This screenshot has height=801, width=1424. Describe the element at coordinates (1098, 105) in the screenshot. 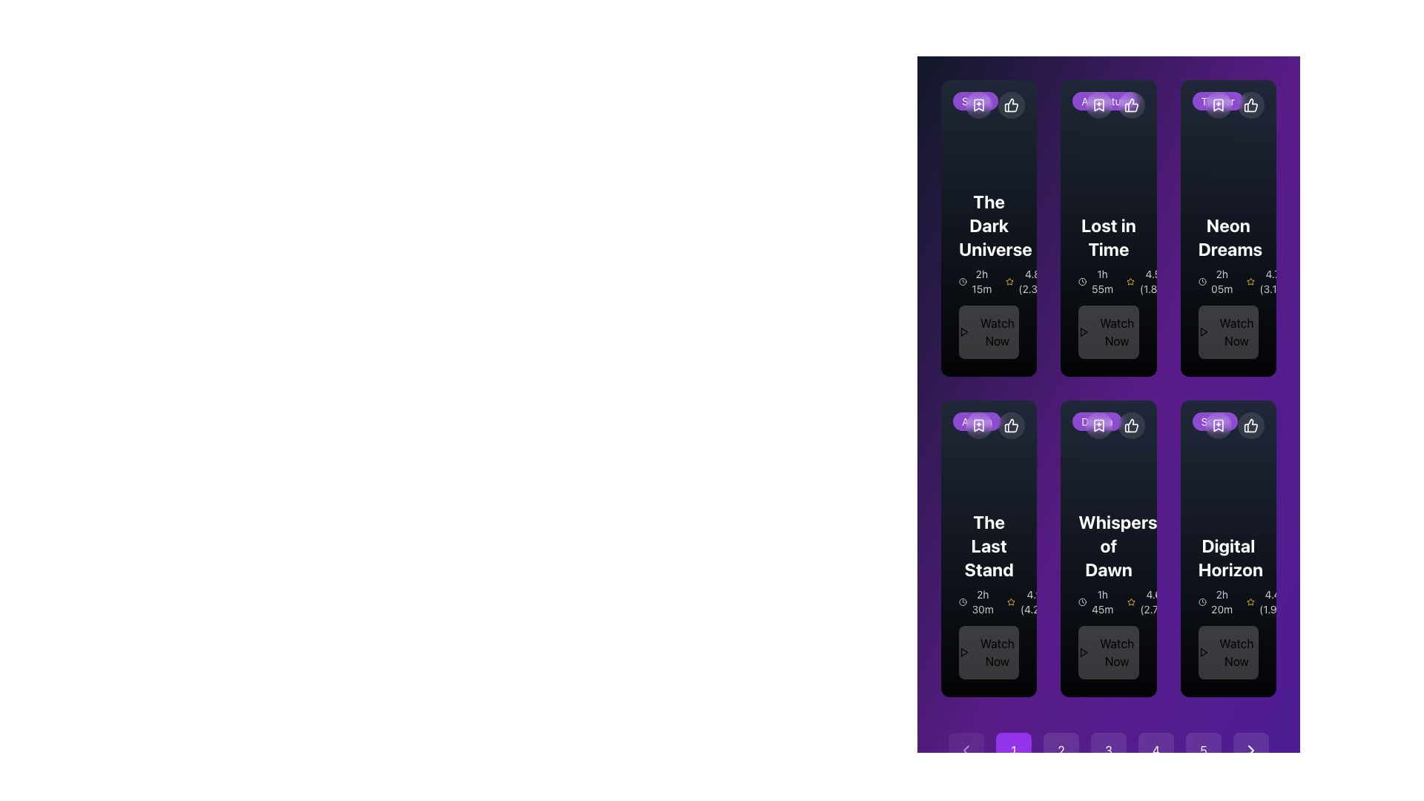

I see `the bookmark icon located at the top middle of the 'Lost in Time' card, which signifies the bookmark feature` at that location.